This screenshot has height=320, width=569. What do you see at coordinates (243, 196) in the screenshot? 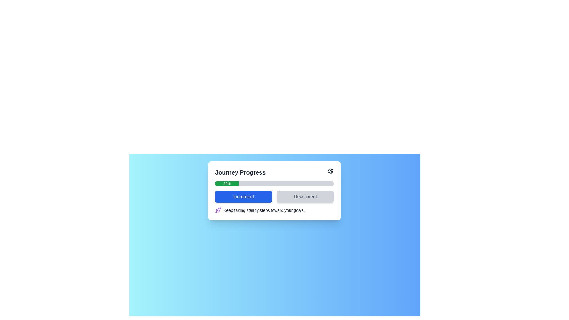
I see `the leftmost button that increases a numerical or progress value, located under a progress bar labeled '20%'` at bounding box center [243, 196].